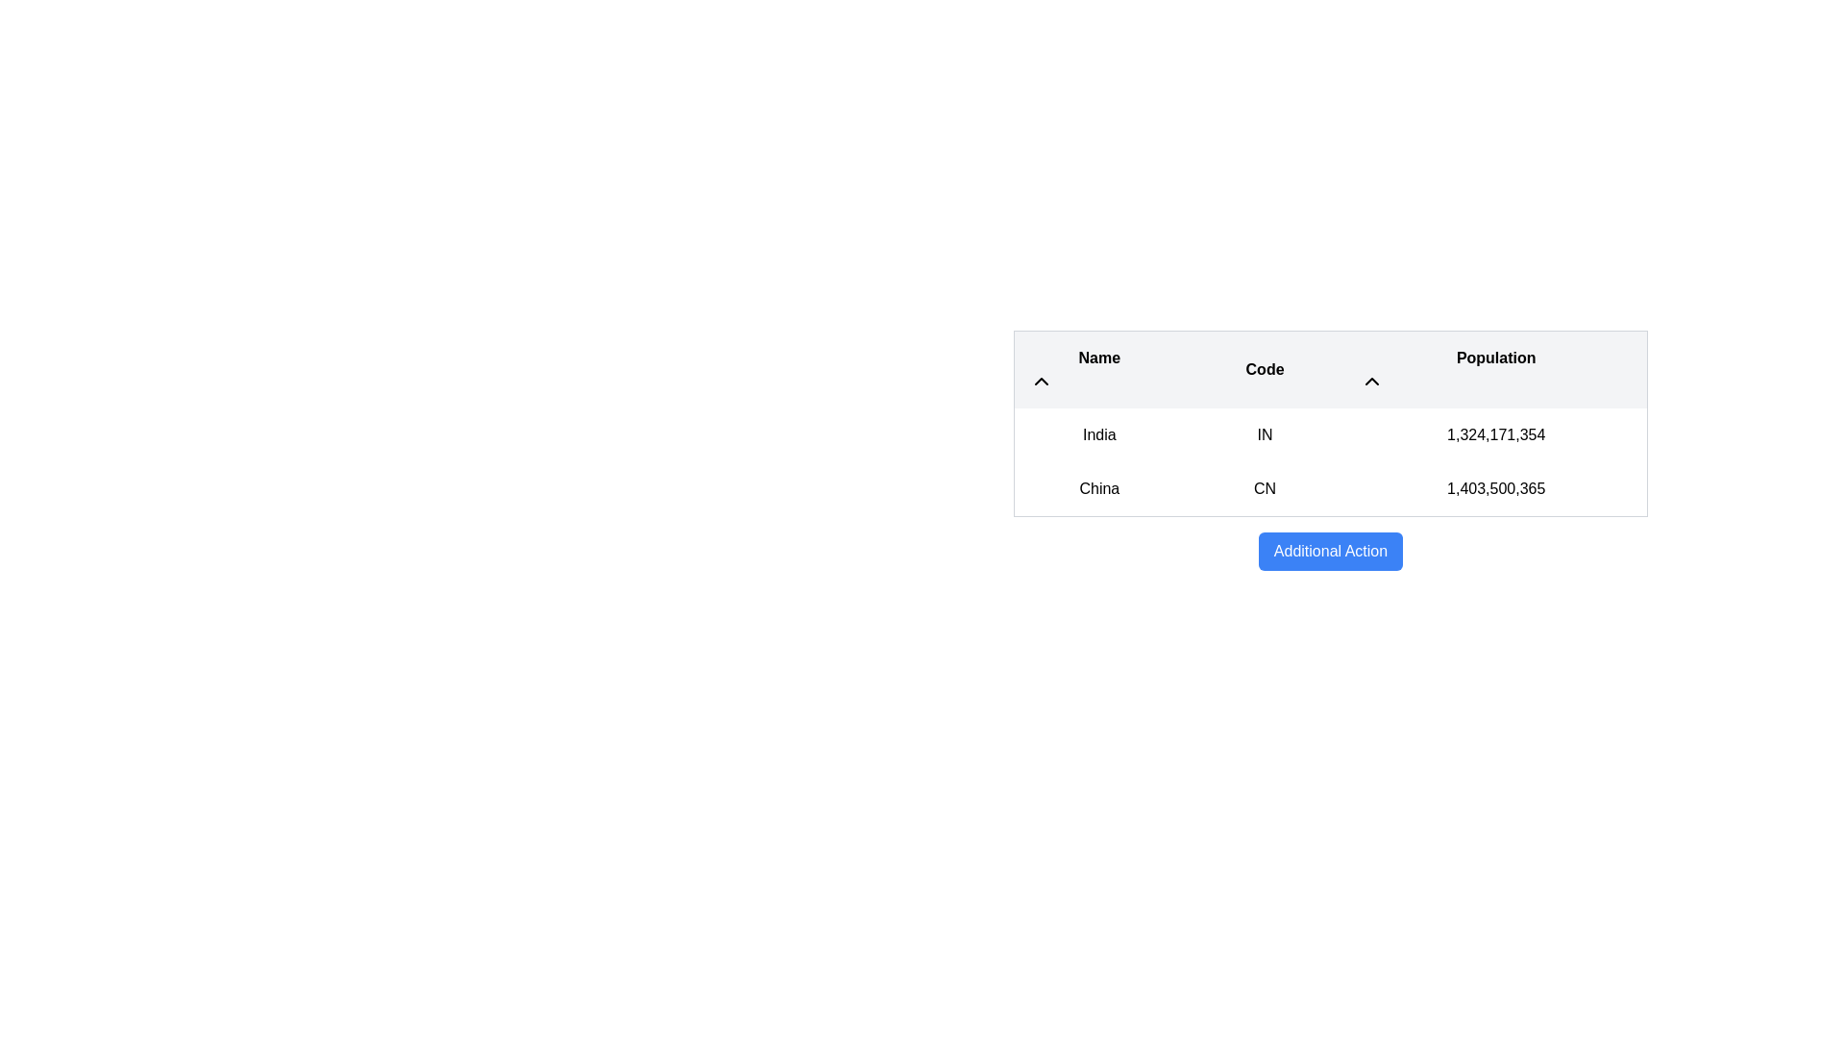 Image resolution: width=1845 pixels, height=1038 pixels. What do you see at coordinates (1495, 488) in the screenshot?
I see `population value displayed in the table cell for 'China', which shows '1,403,500,365'` at bounding box center [1495, 488].